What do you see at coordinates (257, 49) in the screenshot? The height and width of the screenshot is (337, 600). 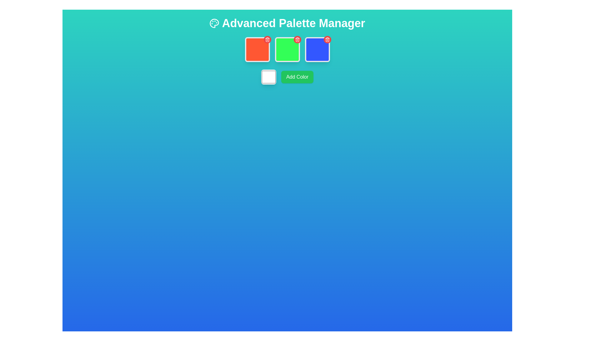 I see `the red square-shaped color tile with rounded corners and a white border, located at the top row of the color palette grid` at bounding box center [257, 49].